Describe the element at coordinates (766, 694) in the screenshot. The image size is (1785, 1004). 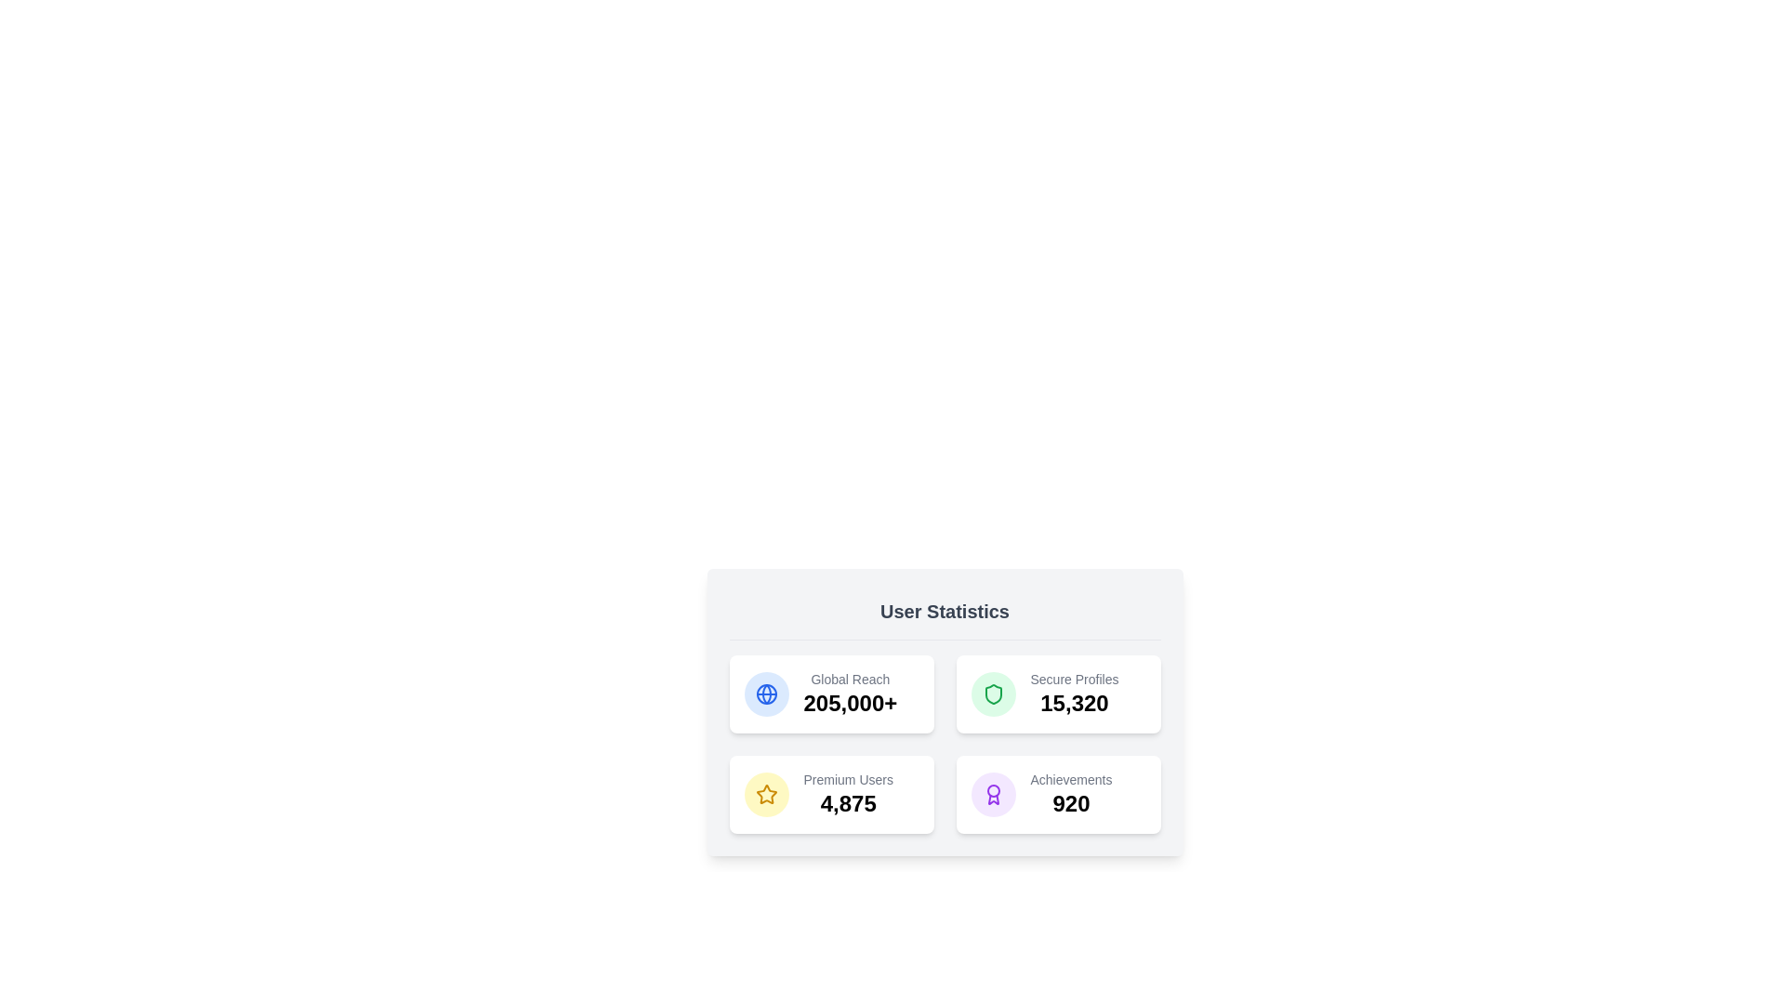
I see `the small, circular icon with a light blue background and a globe symbol in blue with white accents, located at the top-left side of the 'Global Reach' card, to understand its contextual meaning` at that location.